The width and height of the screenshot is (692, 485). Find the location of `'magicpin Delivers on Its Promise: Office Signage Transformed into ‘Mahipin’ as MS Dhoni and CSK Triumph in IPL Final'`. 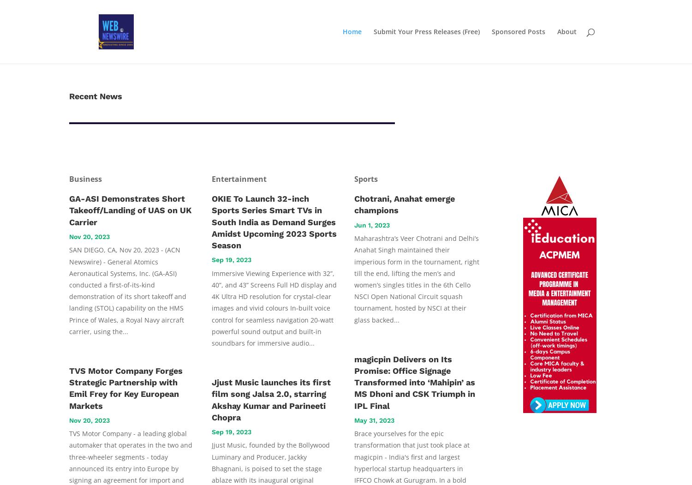

'magicpin Delivers on Its Promise: Office Signage Transformed into ‘Mahipin’ as MS Dhoni and CSK Triumph in IPL Final' is located at coordinates (354, 382).